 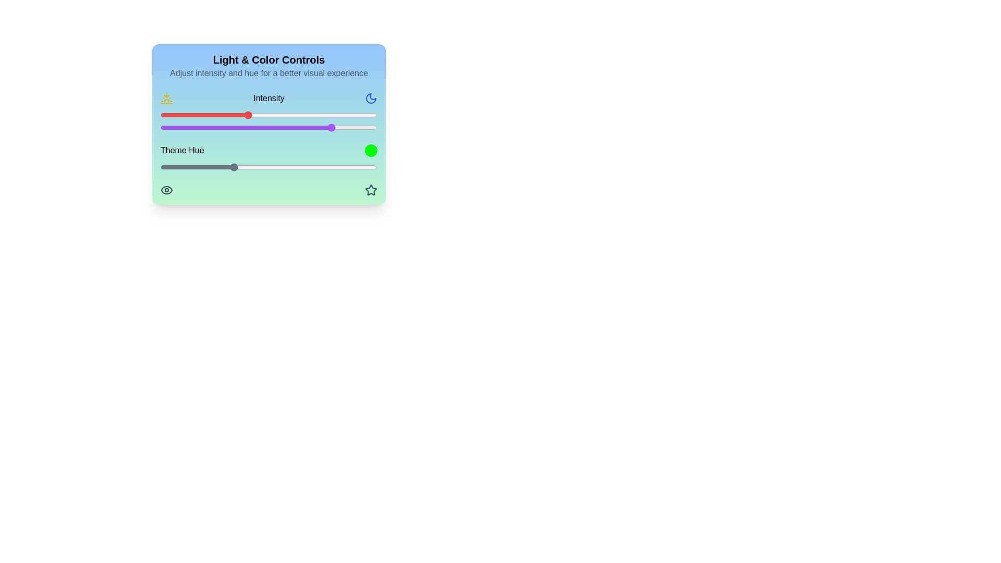 I want to click on the slider value, so click(x=312, y=166).